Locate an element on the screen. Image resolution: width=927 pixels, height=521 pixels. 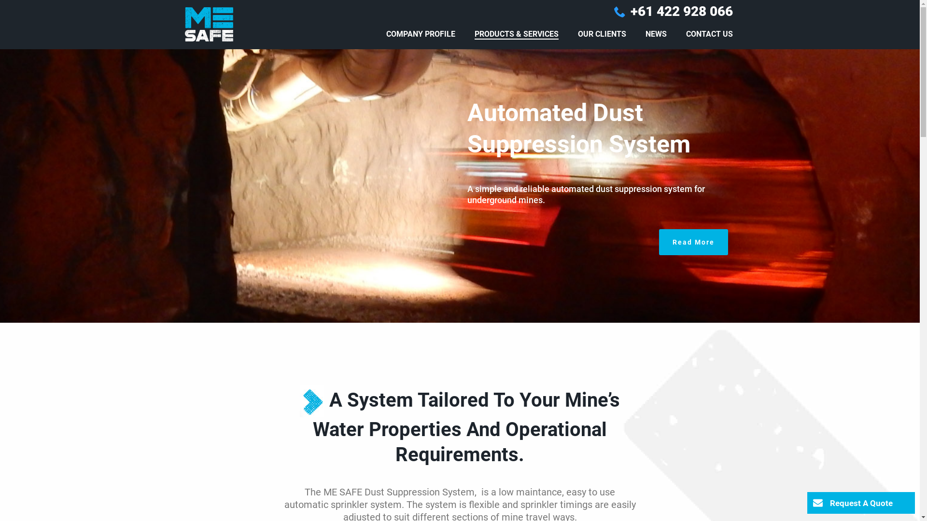
'+61 422 928 066' is located at coordinates (681, 11).